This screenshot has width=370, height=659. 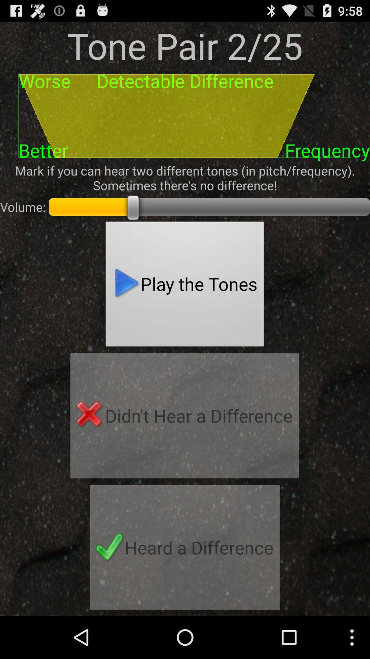 I want to click on the didn t hear, so click(x=184, y=417).